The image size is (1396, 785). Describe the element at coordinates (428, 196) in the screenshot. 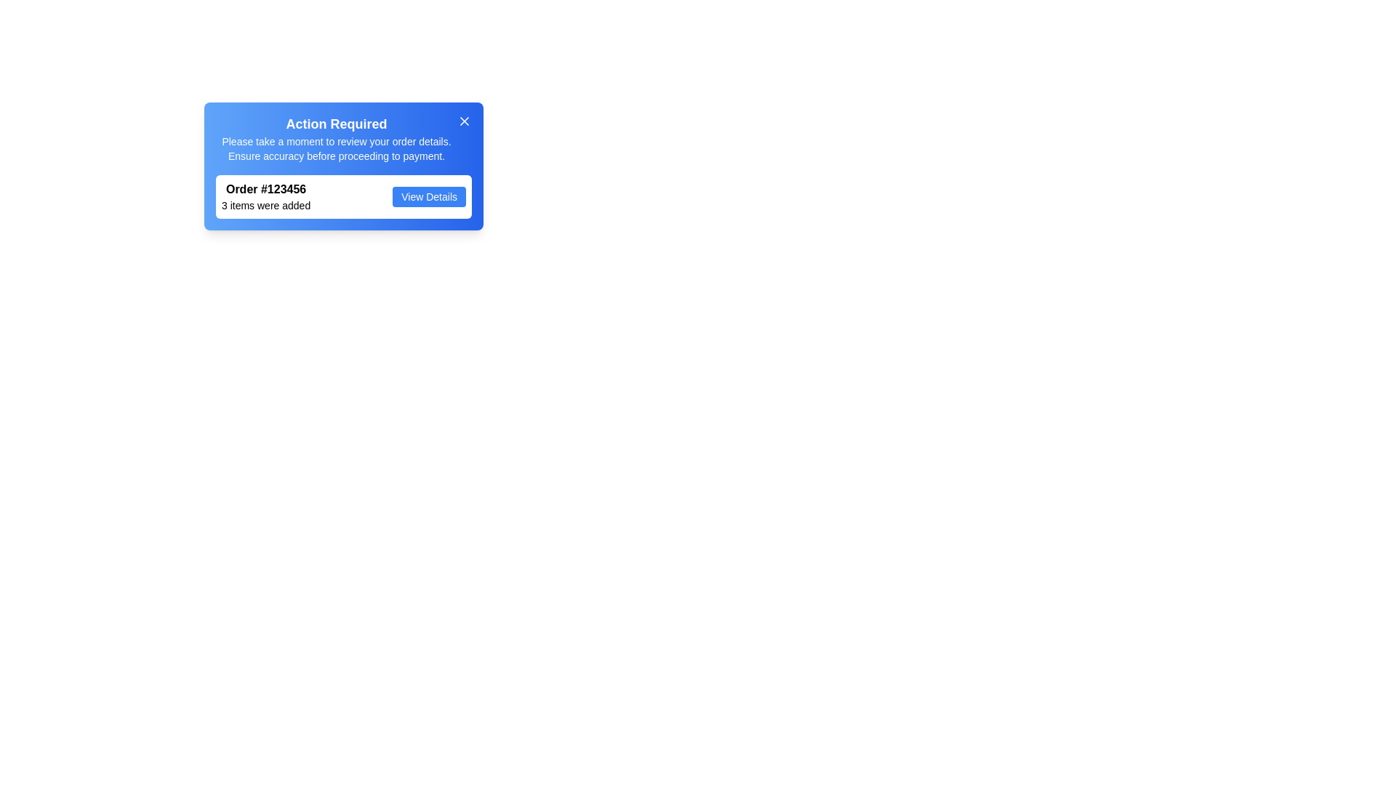

I see `the button located to the right of the order details that allows users` at that location.